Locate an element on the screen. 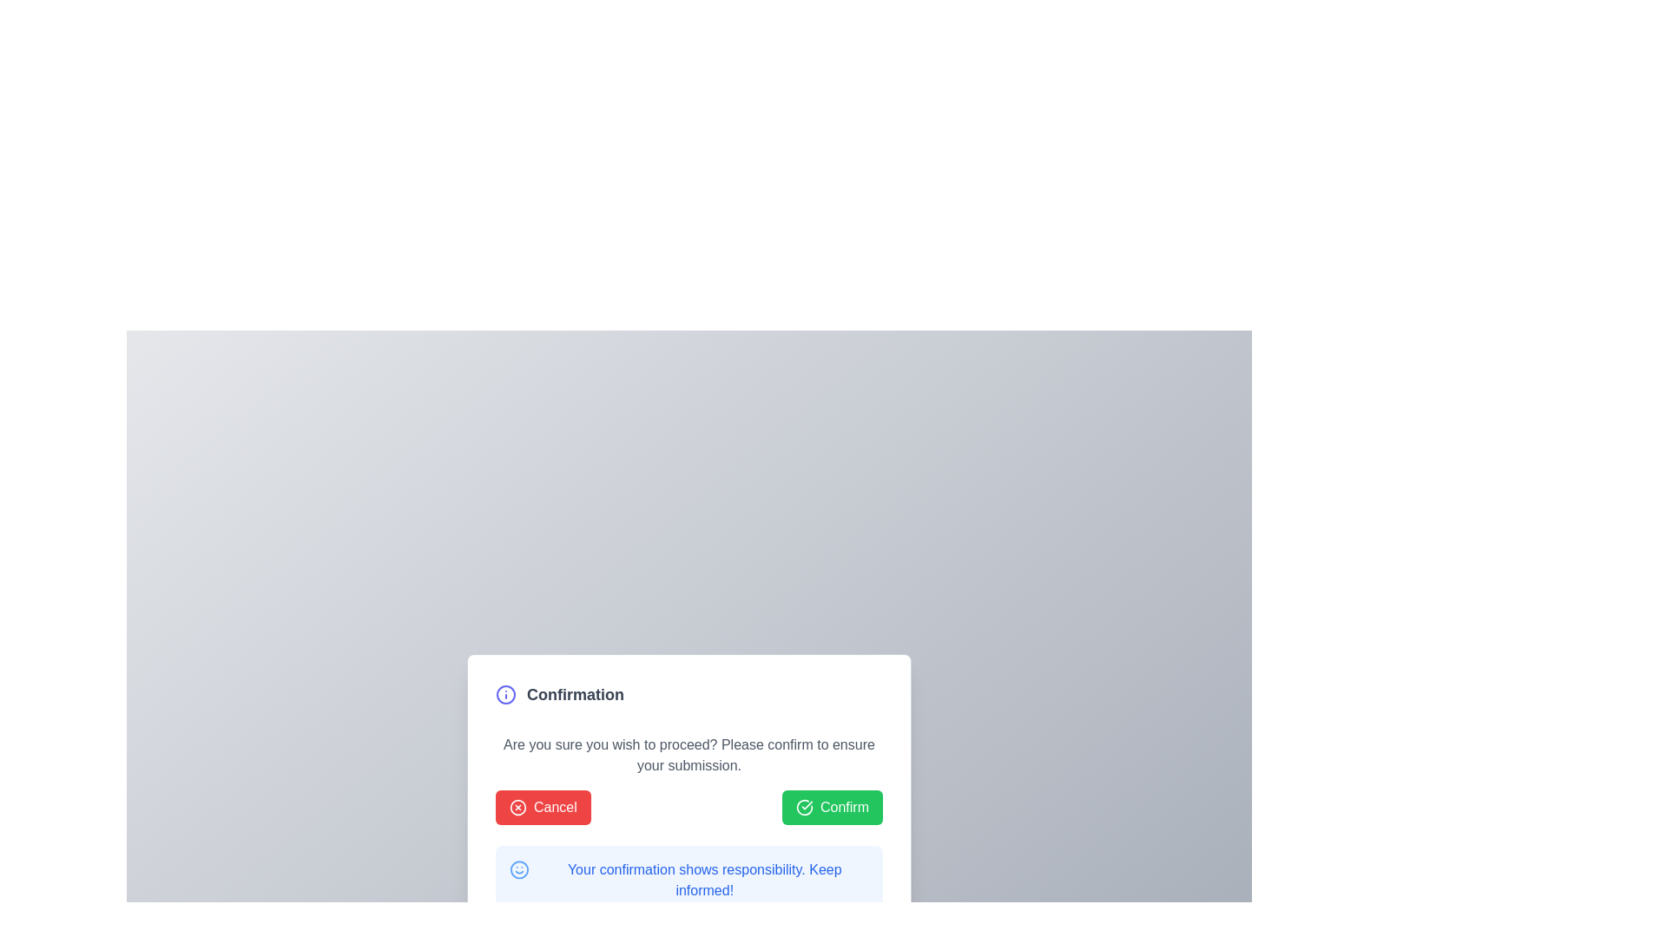 This screenshot has height=937, width=1667. the red circular graphic in the SVG icon located within the confirmation dialog, which is positioned to the left of the 'Cancel' button is located at coordinates (517, 807).